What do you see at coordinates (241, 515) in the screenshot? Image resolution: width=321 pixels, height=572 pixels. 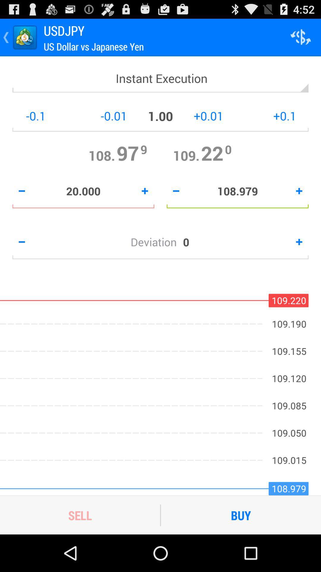 I see `the buy` at bounding box center [241, 515].